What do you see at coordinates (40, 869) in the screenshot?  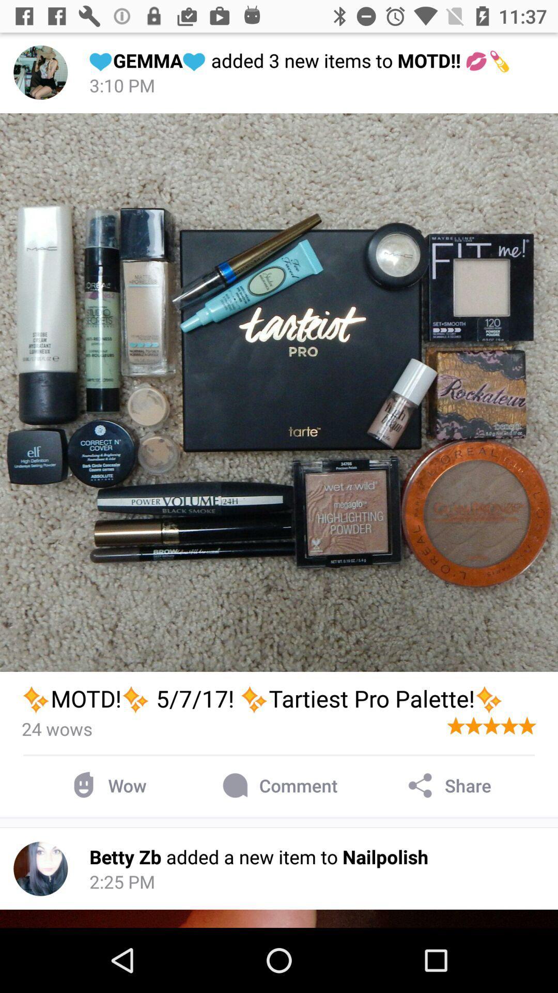 I see `the picture beside betty` at bounding box center [40, 869].